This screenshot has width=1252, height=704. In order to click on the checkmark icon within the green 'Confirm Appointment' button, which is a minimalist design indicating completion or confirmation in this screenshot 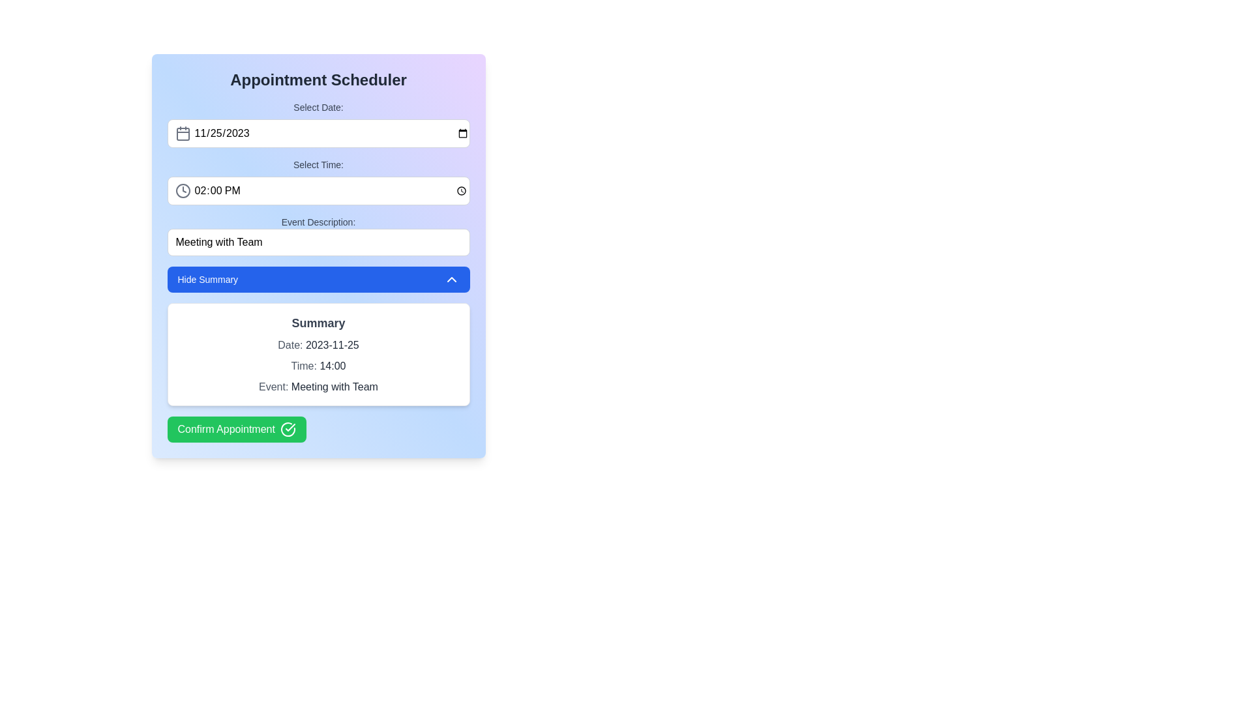, I will do `click(290, 427)`.